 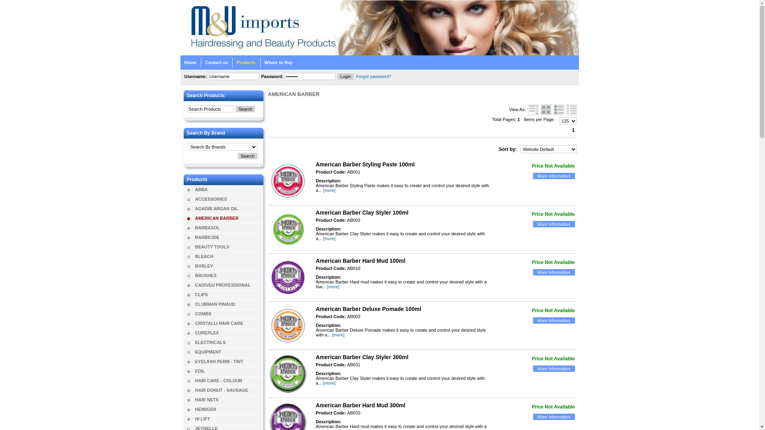 I want to click on 'Products', so click(x=246, y=62).